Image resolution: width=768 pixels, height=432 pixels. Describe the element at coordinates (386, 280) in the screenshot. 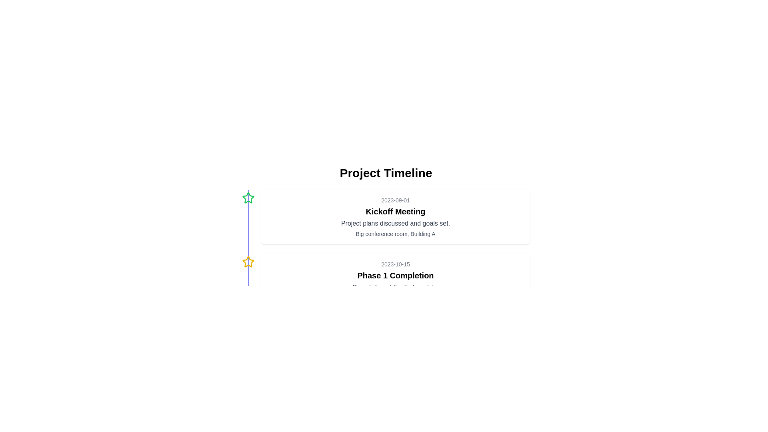

I see `the second event entry in the timeline display, which represents the completion of 'Phase 1' scheduled for 2023-10-15` at that location.